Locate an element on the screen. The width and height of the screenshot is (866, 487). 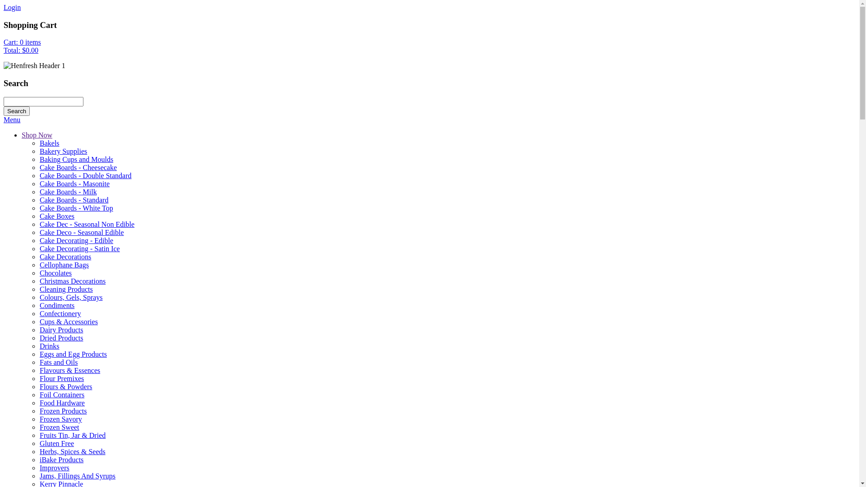
'Chocolates' is located at coordinates (55, 272).